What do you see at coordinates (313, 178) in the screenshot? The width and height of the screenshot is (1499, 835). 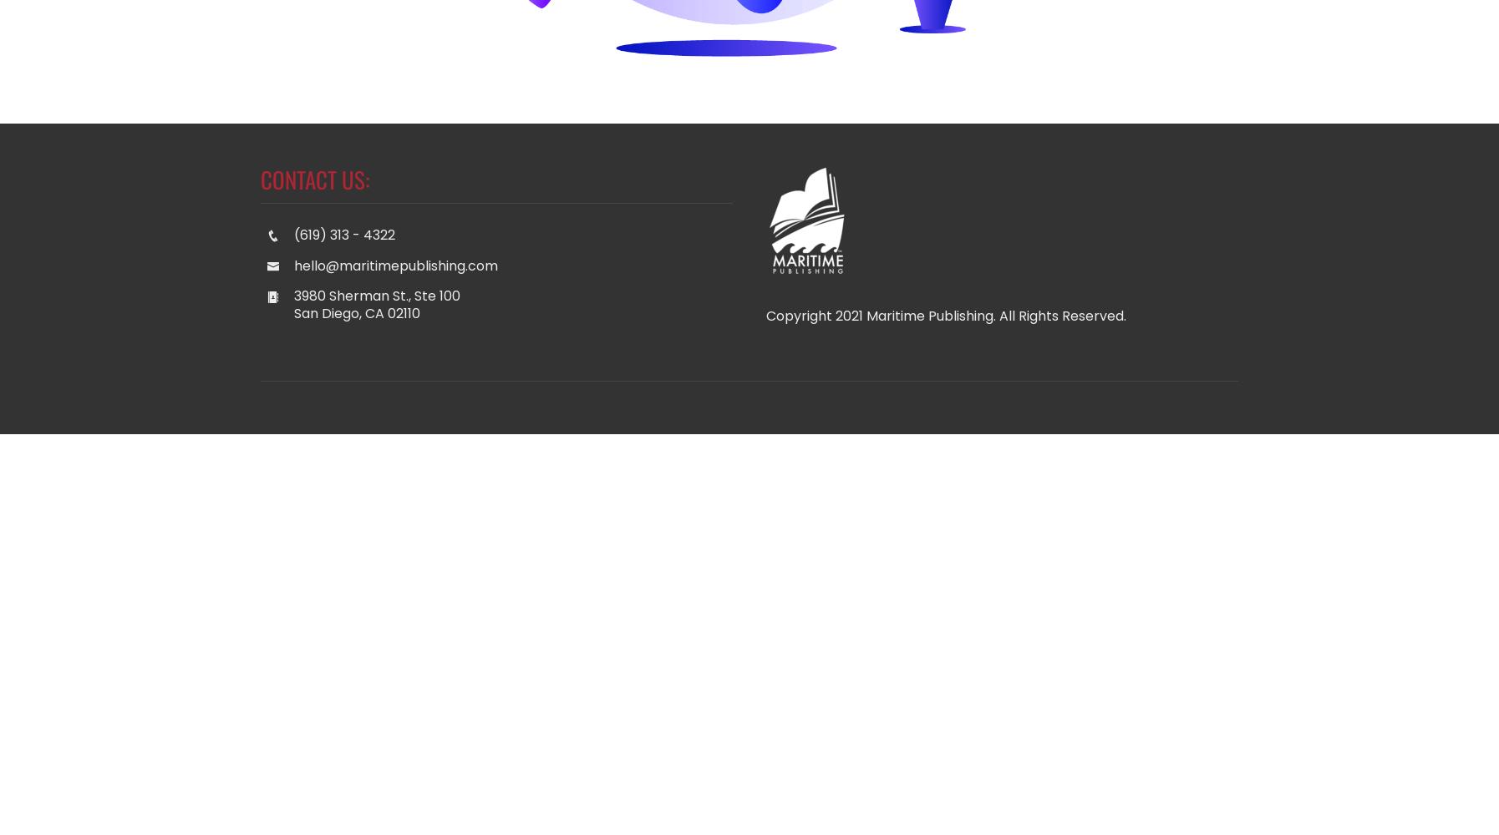 I see `'Contact US:'` at bounding box center [313, 178].